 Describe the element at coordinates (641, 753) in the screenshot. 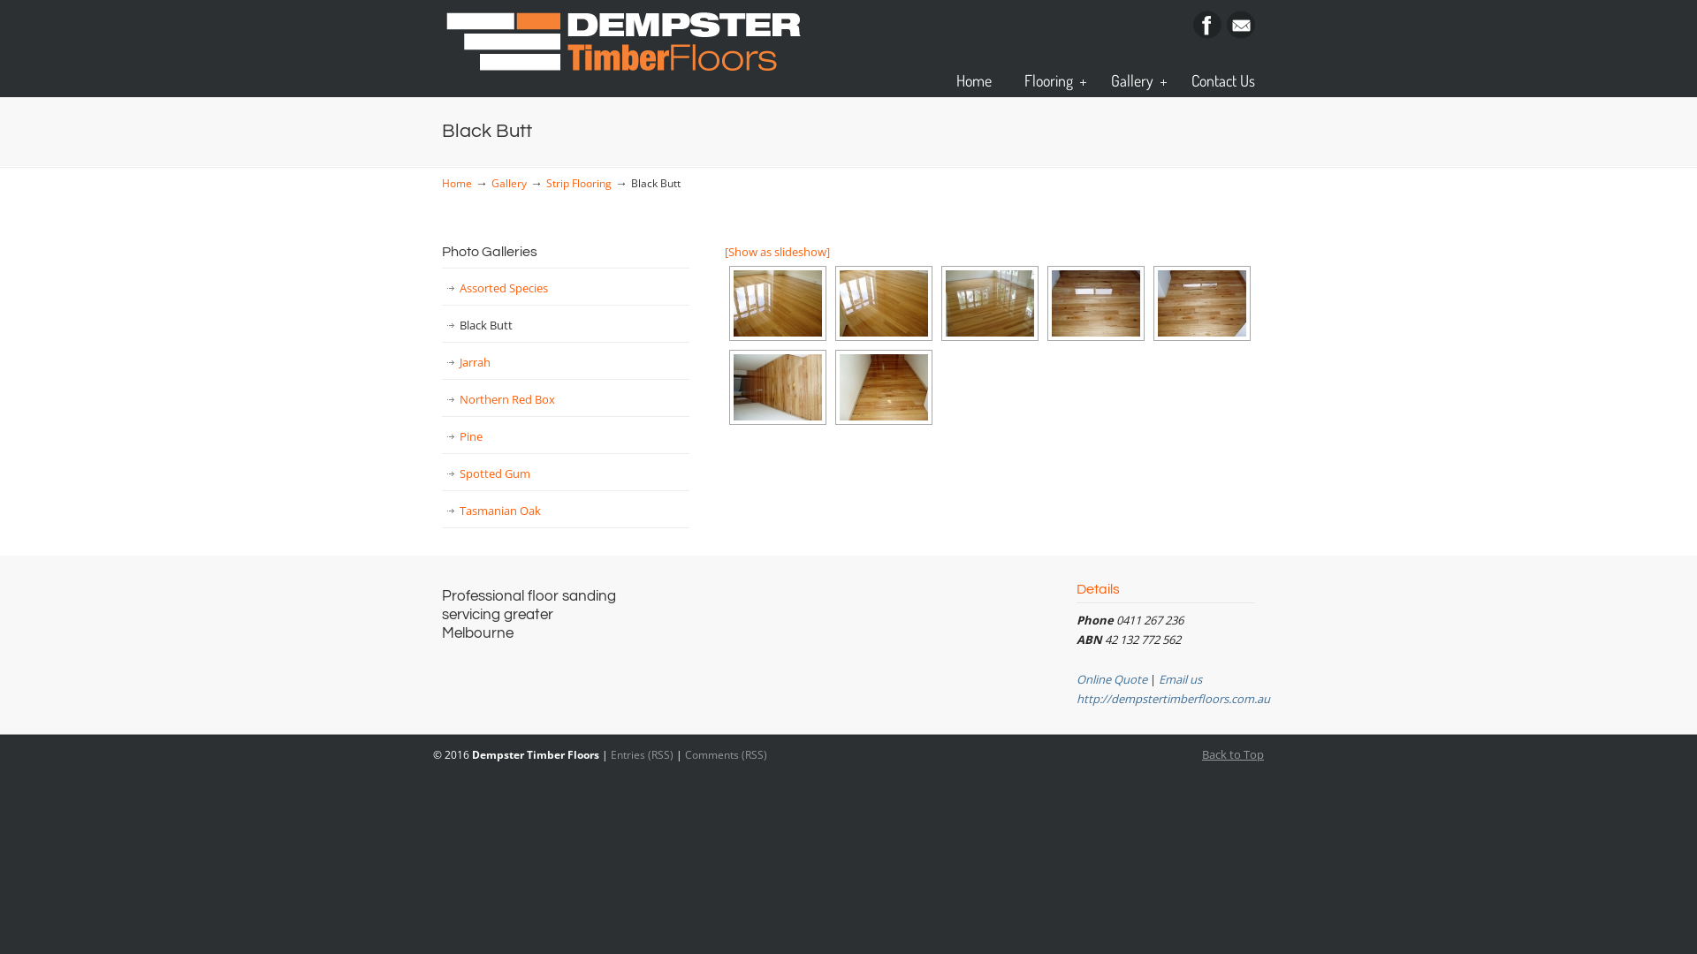

I see `'Entries (RSS)'` at that location.